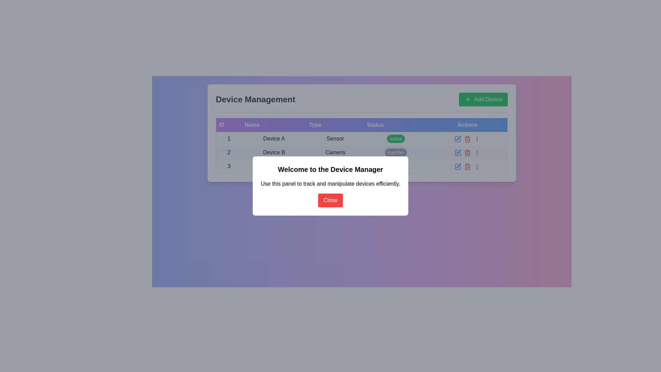 The width and height of the screenshot is (661, 372). What do you see at coordinates (396, 138) in the screenshot?
I see `the 'active' badge element in the 'Status' column for 'Device A' in the Device Management table to understand the device status` at bounding box center [396, 138].